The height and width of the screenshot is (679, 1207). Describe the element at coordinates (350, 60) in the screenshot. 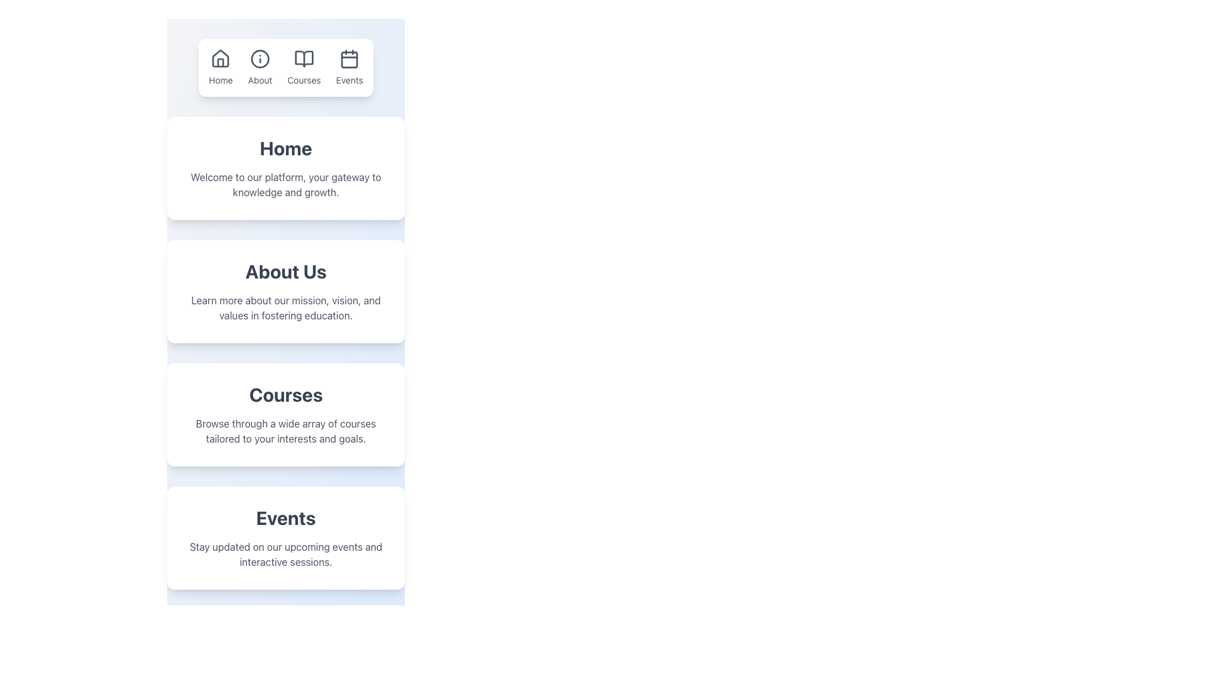

I see `the visual representation of the SVG rectangle shape within the Events icon in the top navigation section of the interface` at that location.